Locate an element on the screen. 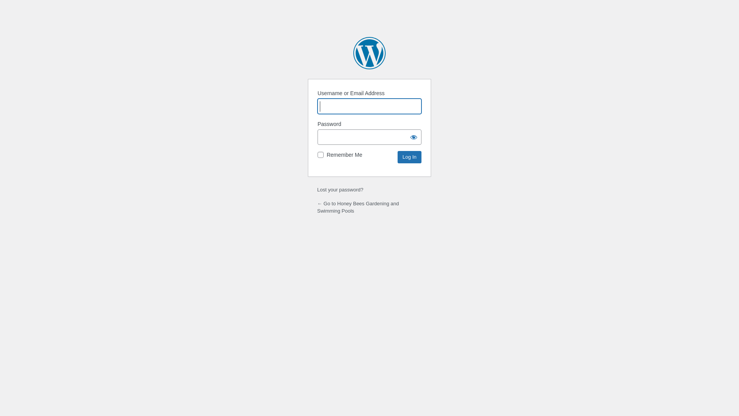  'Powered by WordPress' is located at coordinates (369, 53).